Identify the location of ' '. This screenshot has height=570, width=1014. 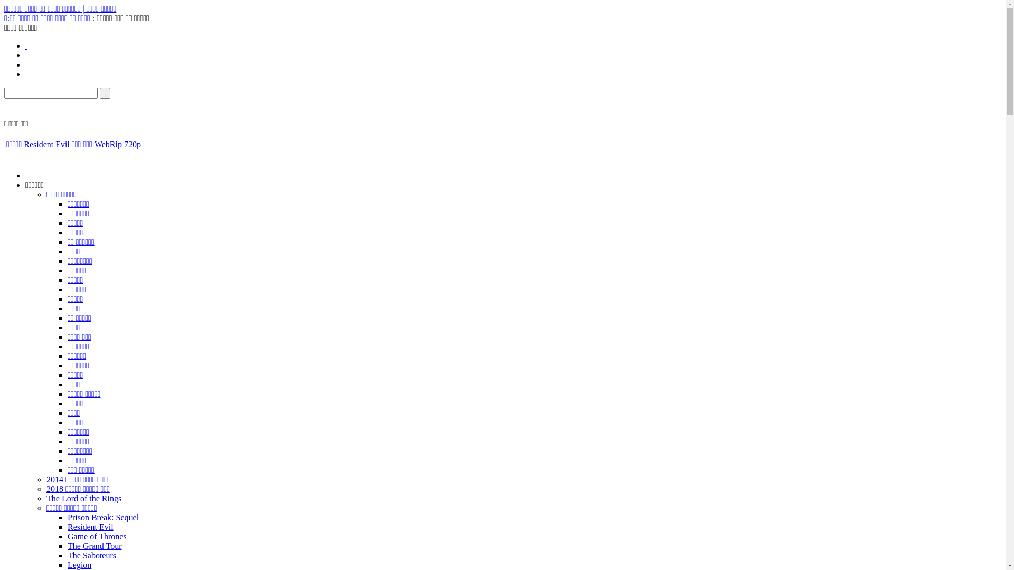
(25, 45).